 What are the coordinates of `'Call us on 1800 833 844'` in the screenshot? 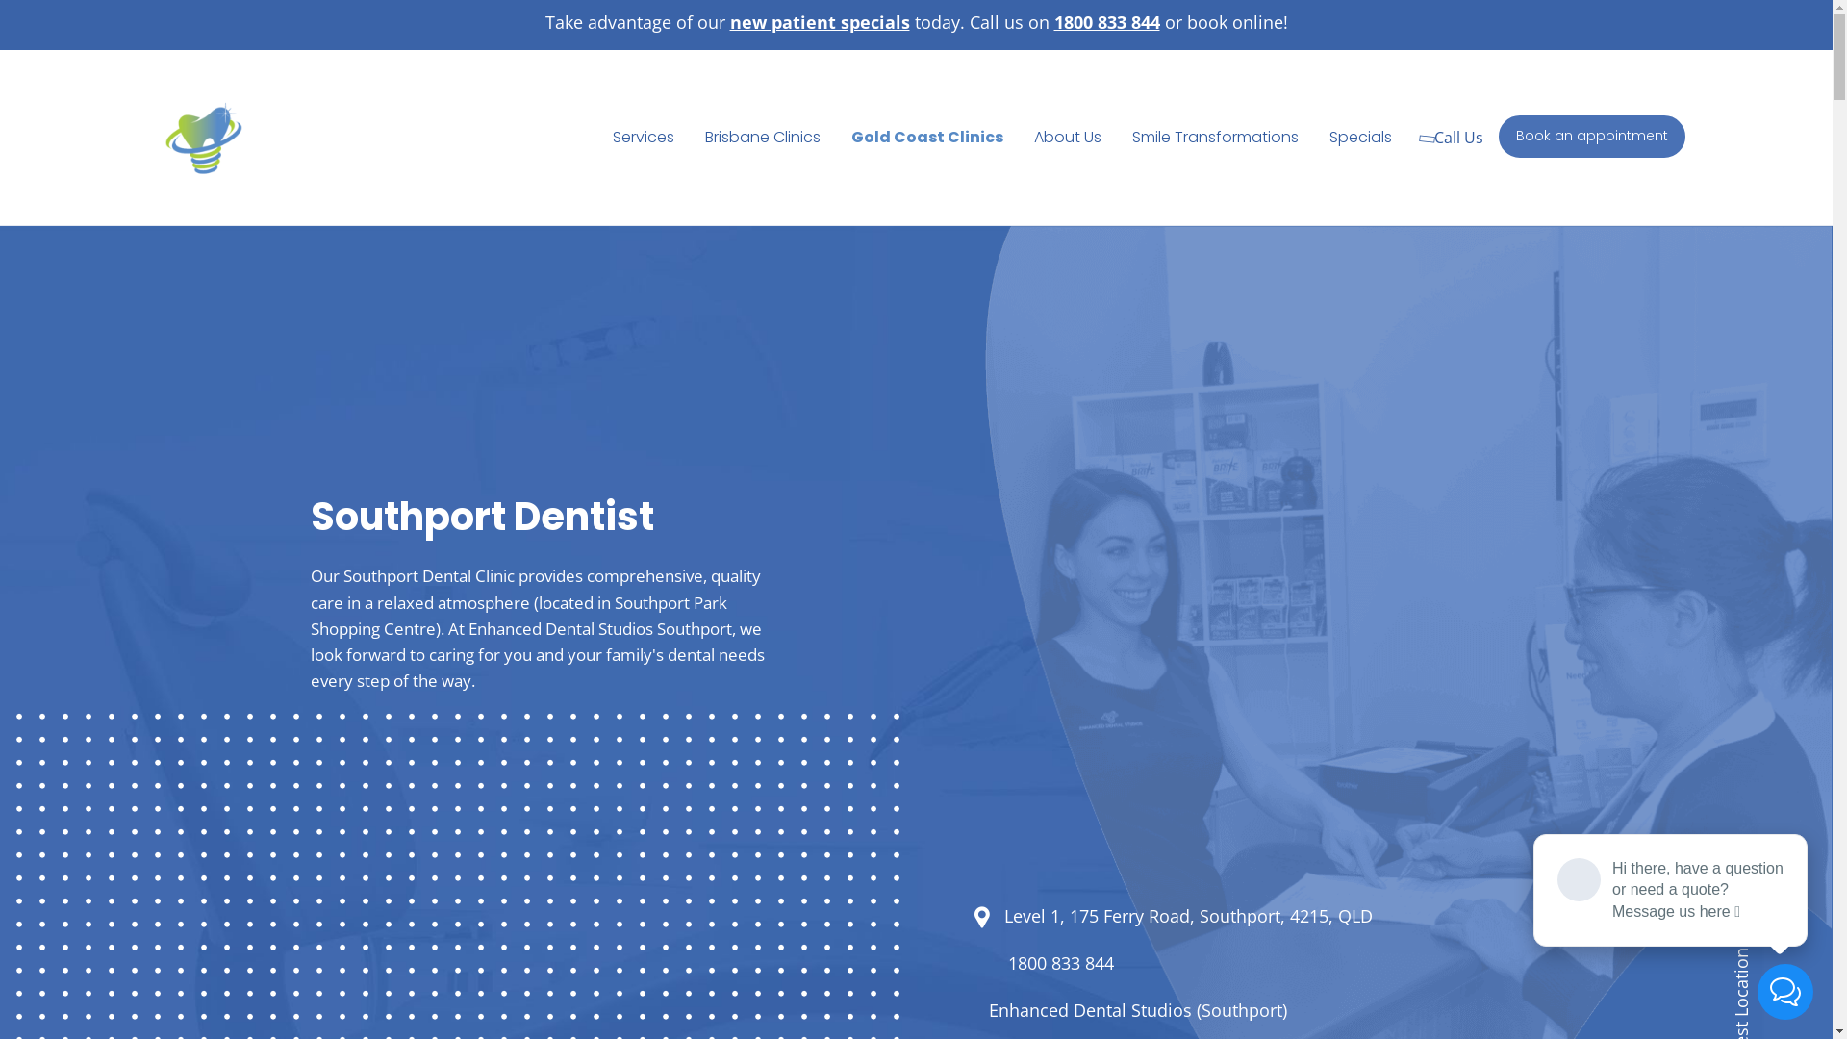 It's located at (964, 22).